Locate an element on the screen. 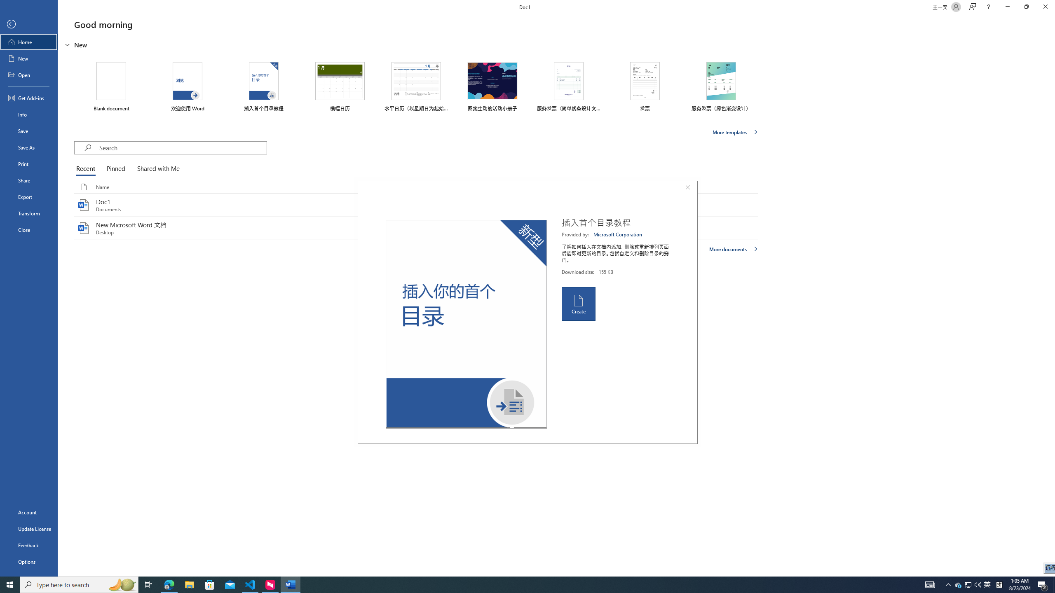  'Restore Down' is located at coordinates (1026, 7).